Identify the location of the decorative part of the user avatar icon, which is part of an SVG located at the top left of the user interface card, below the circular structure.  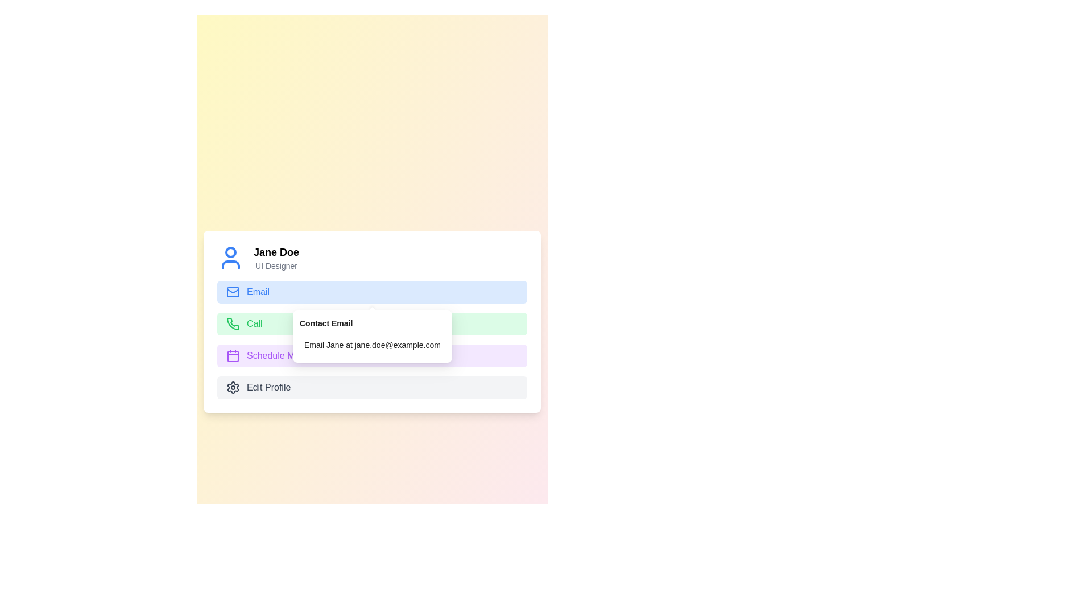
(230, 265).